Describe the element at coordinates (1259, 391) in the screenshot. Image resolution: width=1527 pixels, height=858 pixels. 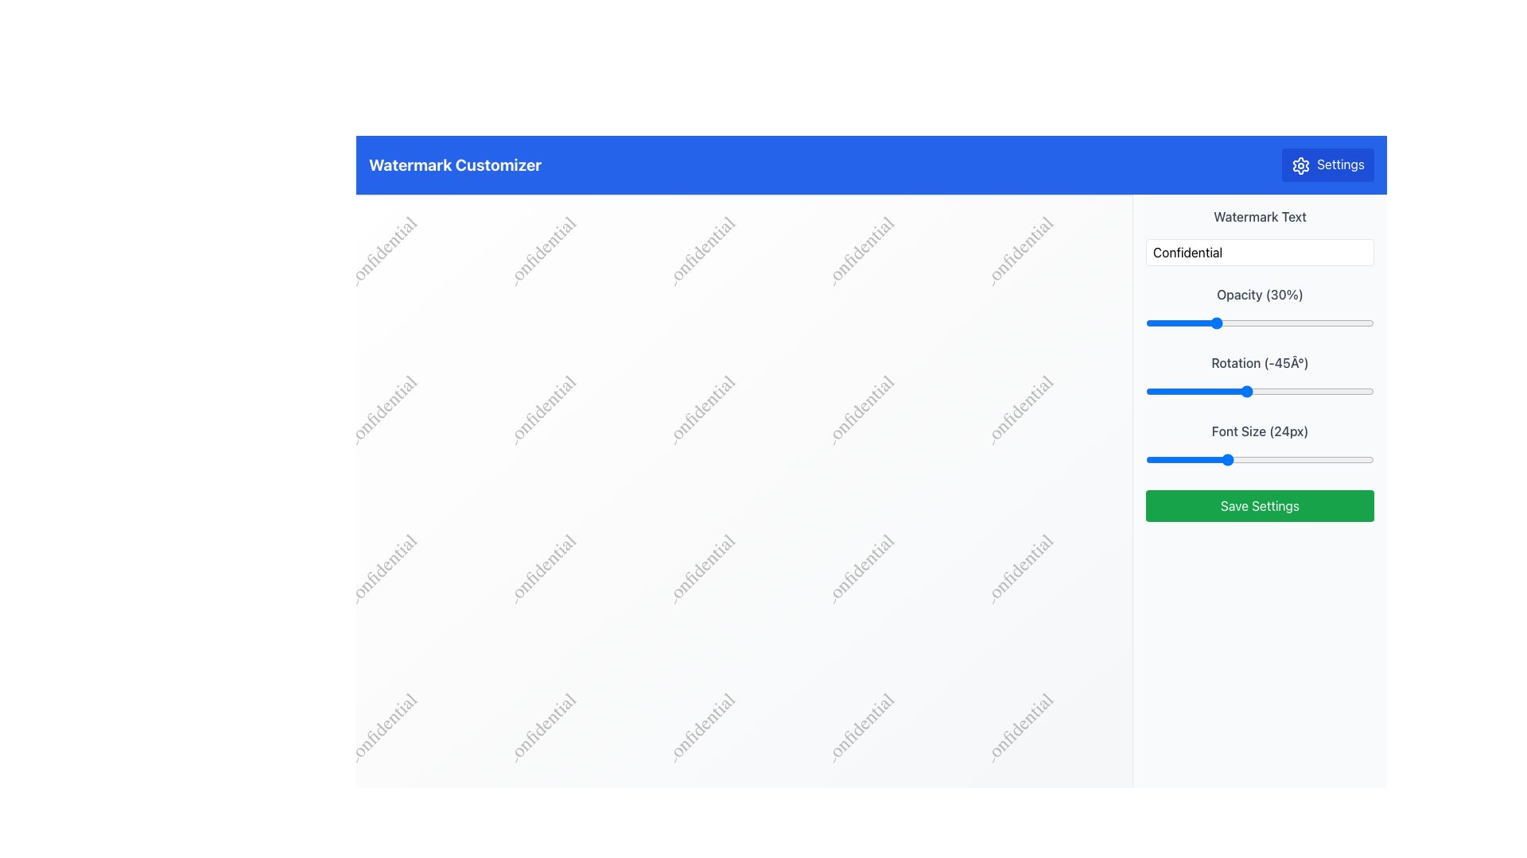
I see `the range slider positioned beneath the 'Rotation (-45°)' label to set a specific rotation value` at that location.